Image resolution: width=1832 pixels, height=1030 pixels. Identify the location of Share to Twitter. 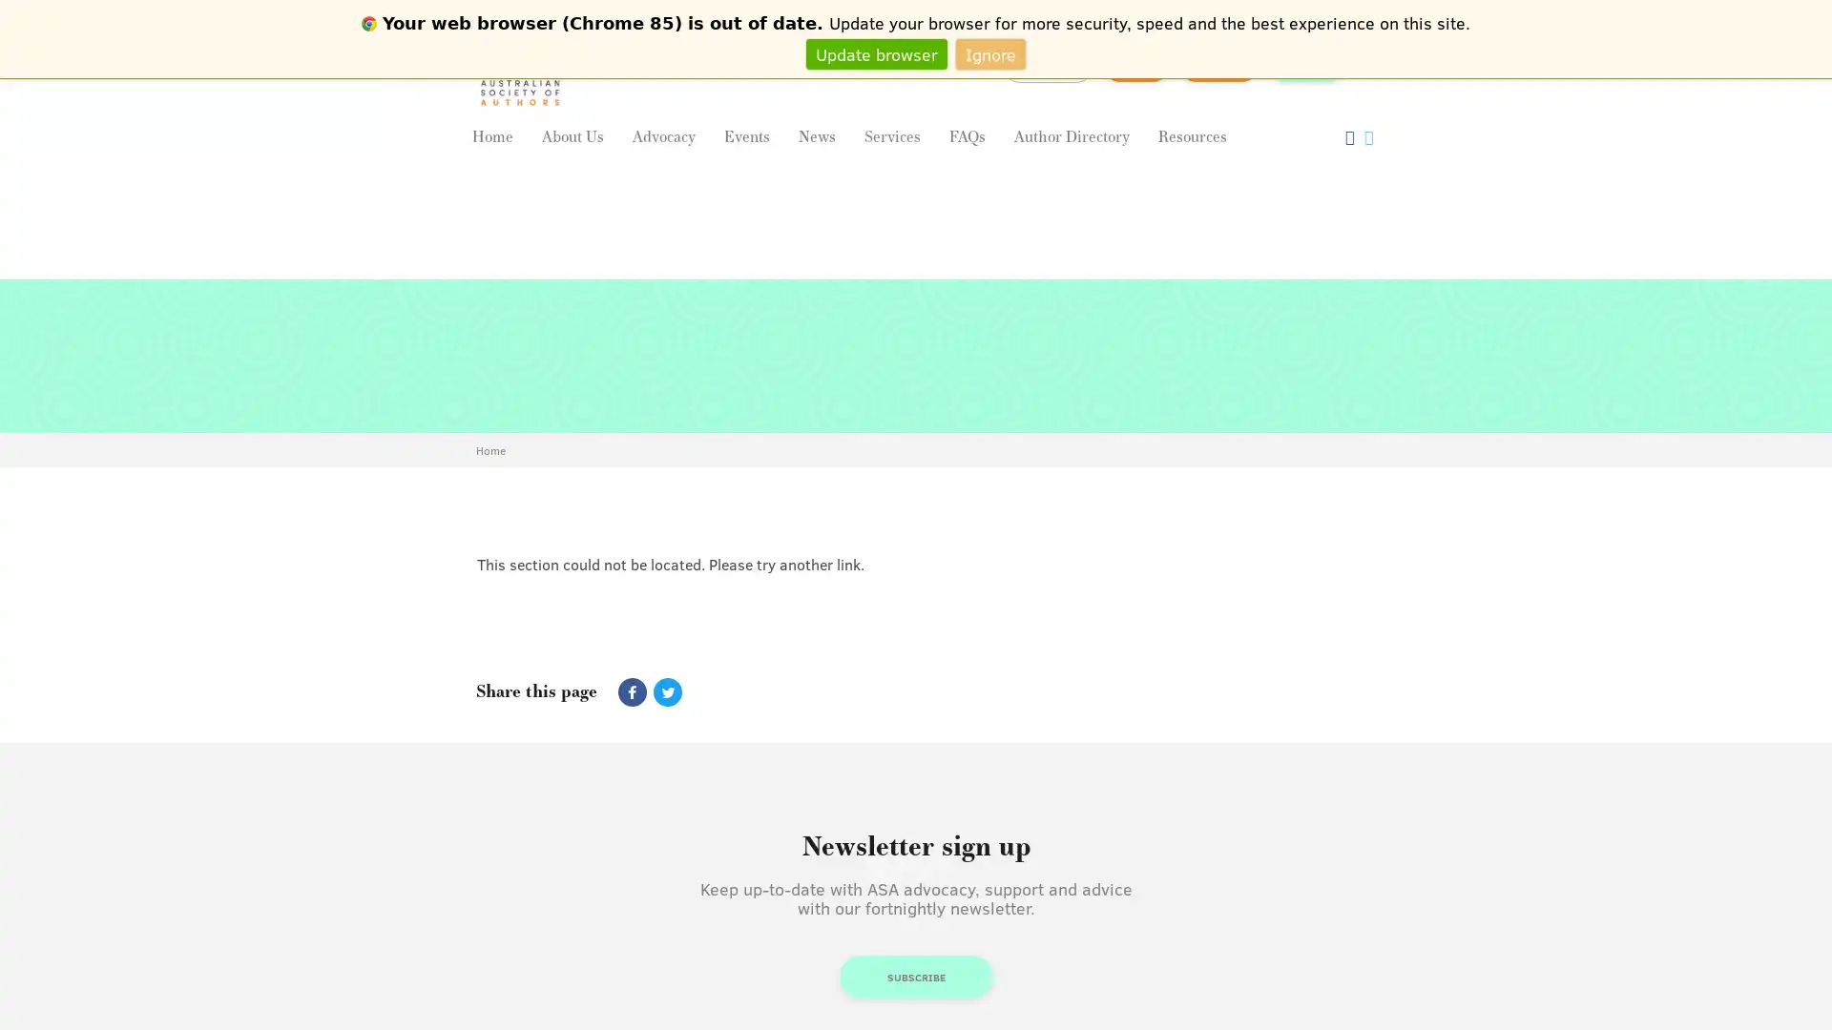
(664, 691).